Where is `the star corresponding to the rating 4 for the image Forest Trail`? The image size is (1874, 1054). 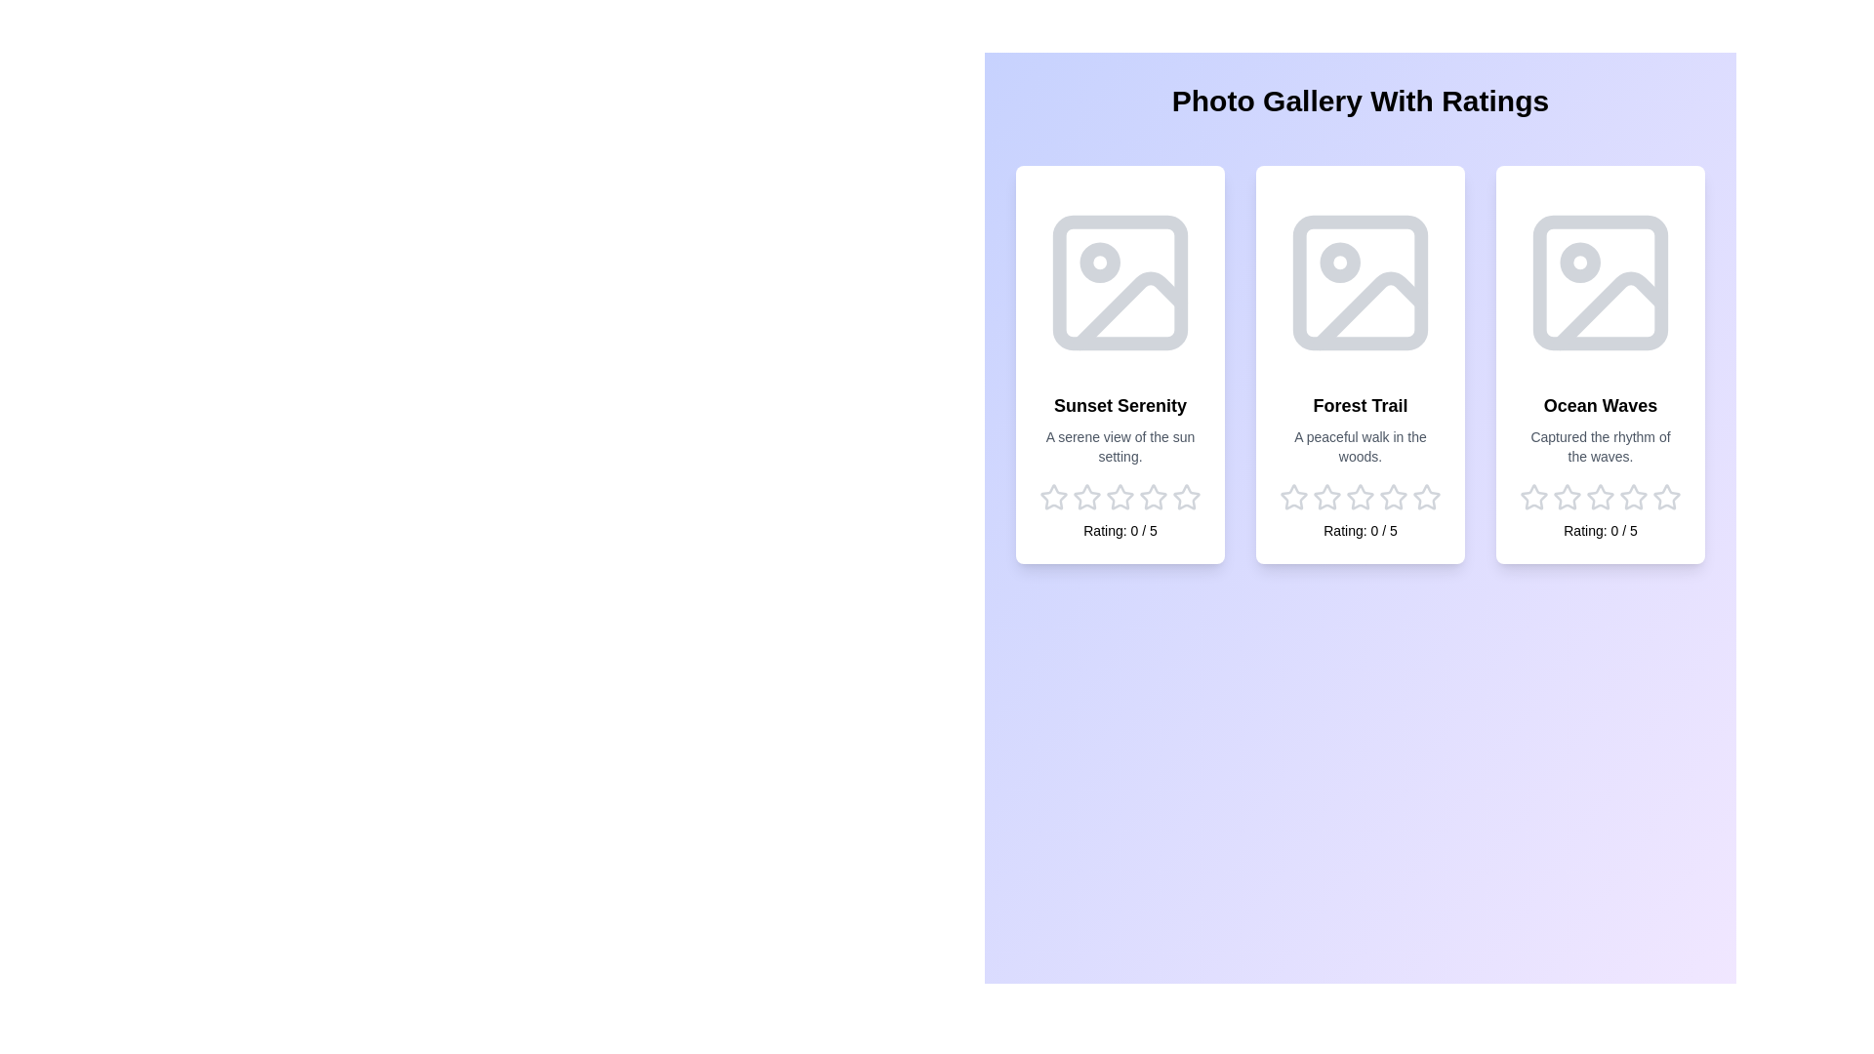
the star corresponding to the rating 4 for the image Forest Trail is located at coordinates (1393, 496).